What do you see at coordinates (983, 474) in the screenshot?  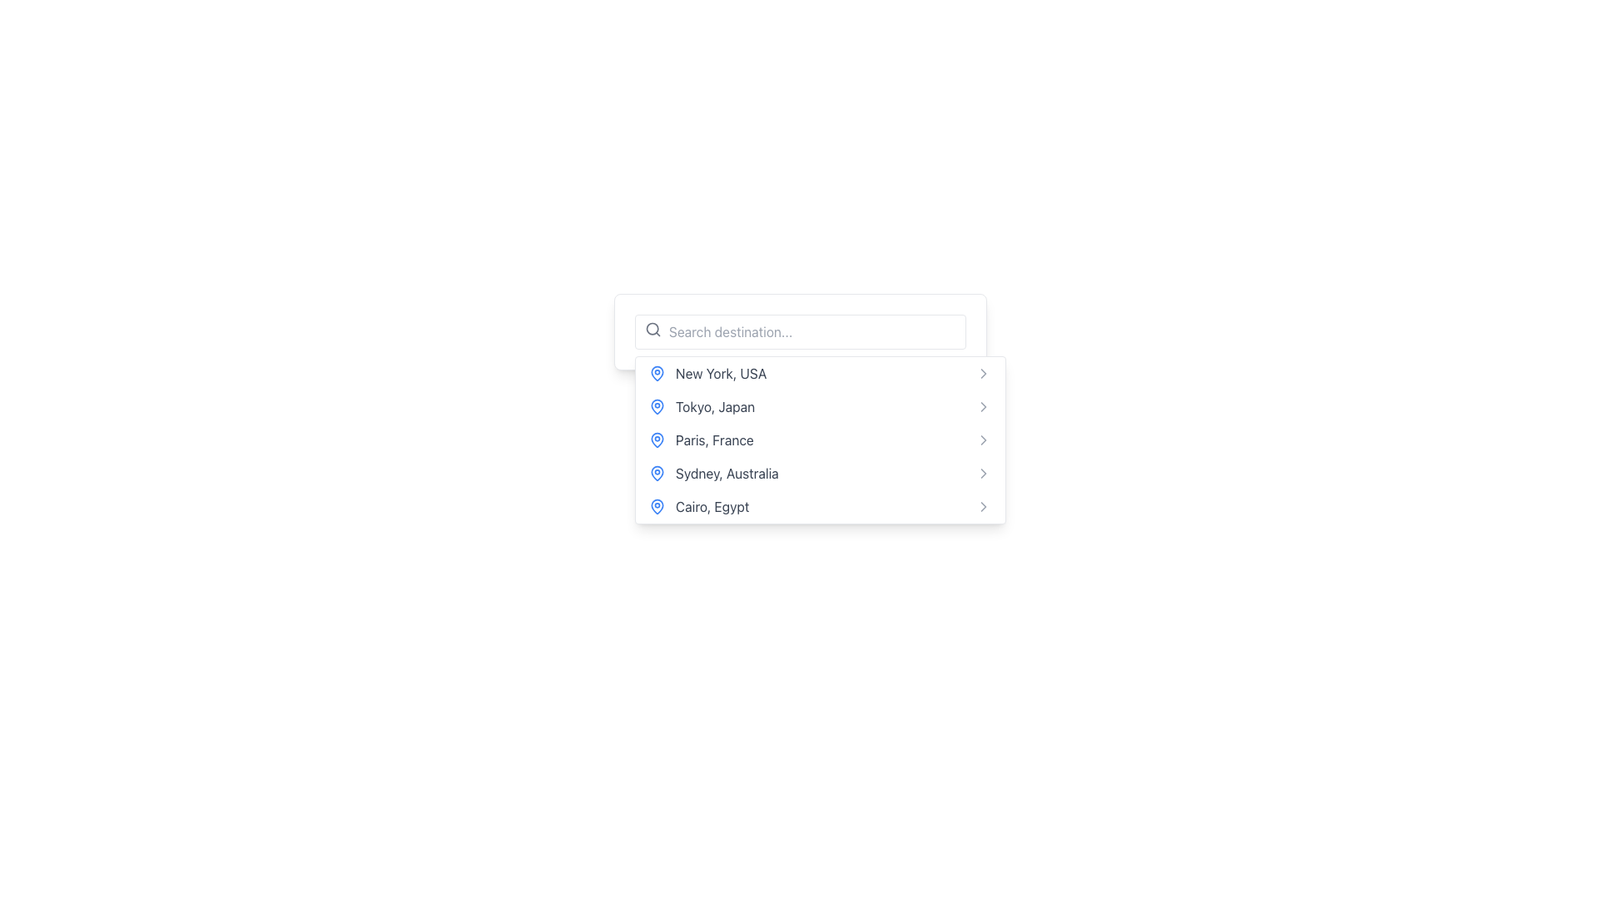 I see `the rightward chevron icon located next to the text 'Sydney, Australia' in the dropdown menu, which is the fourth icon in the list of destinations` at bounding box center [983, 474].